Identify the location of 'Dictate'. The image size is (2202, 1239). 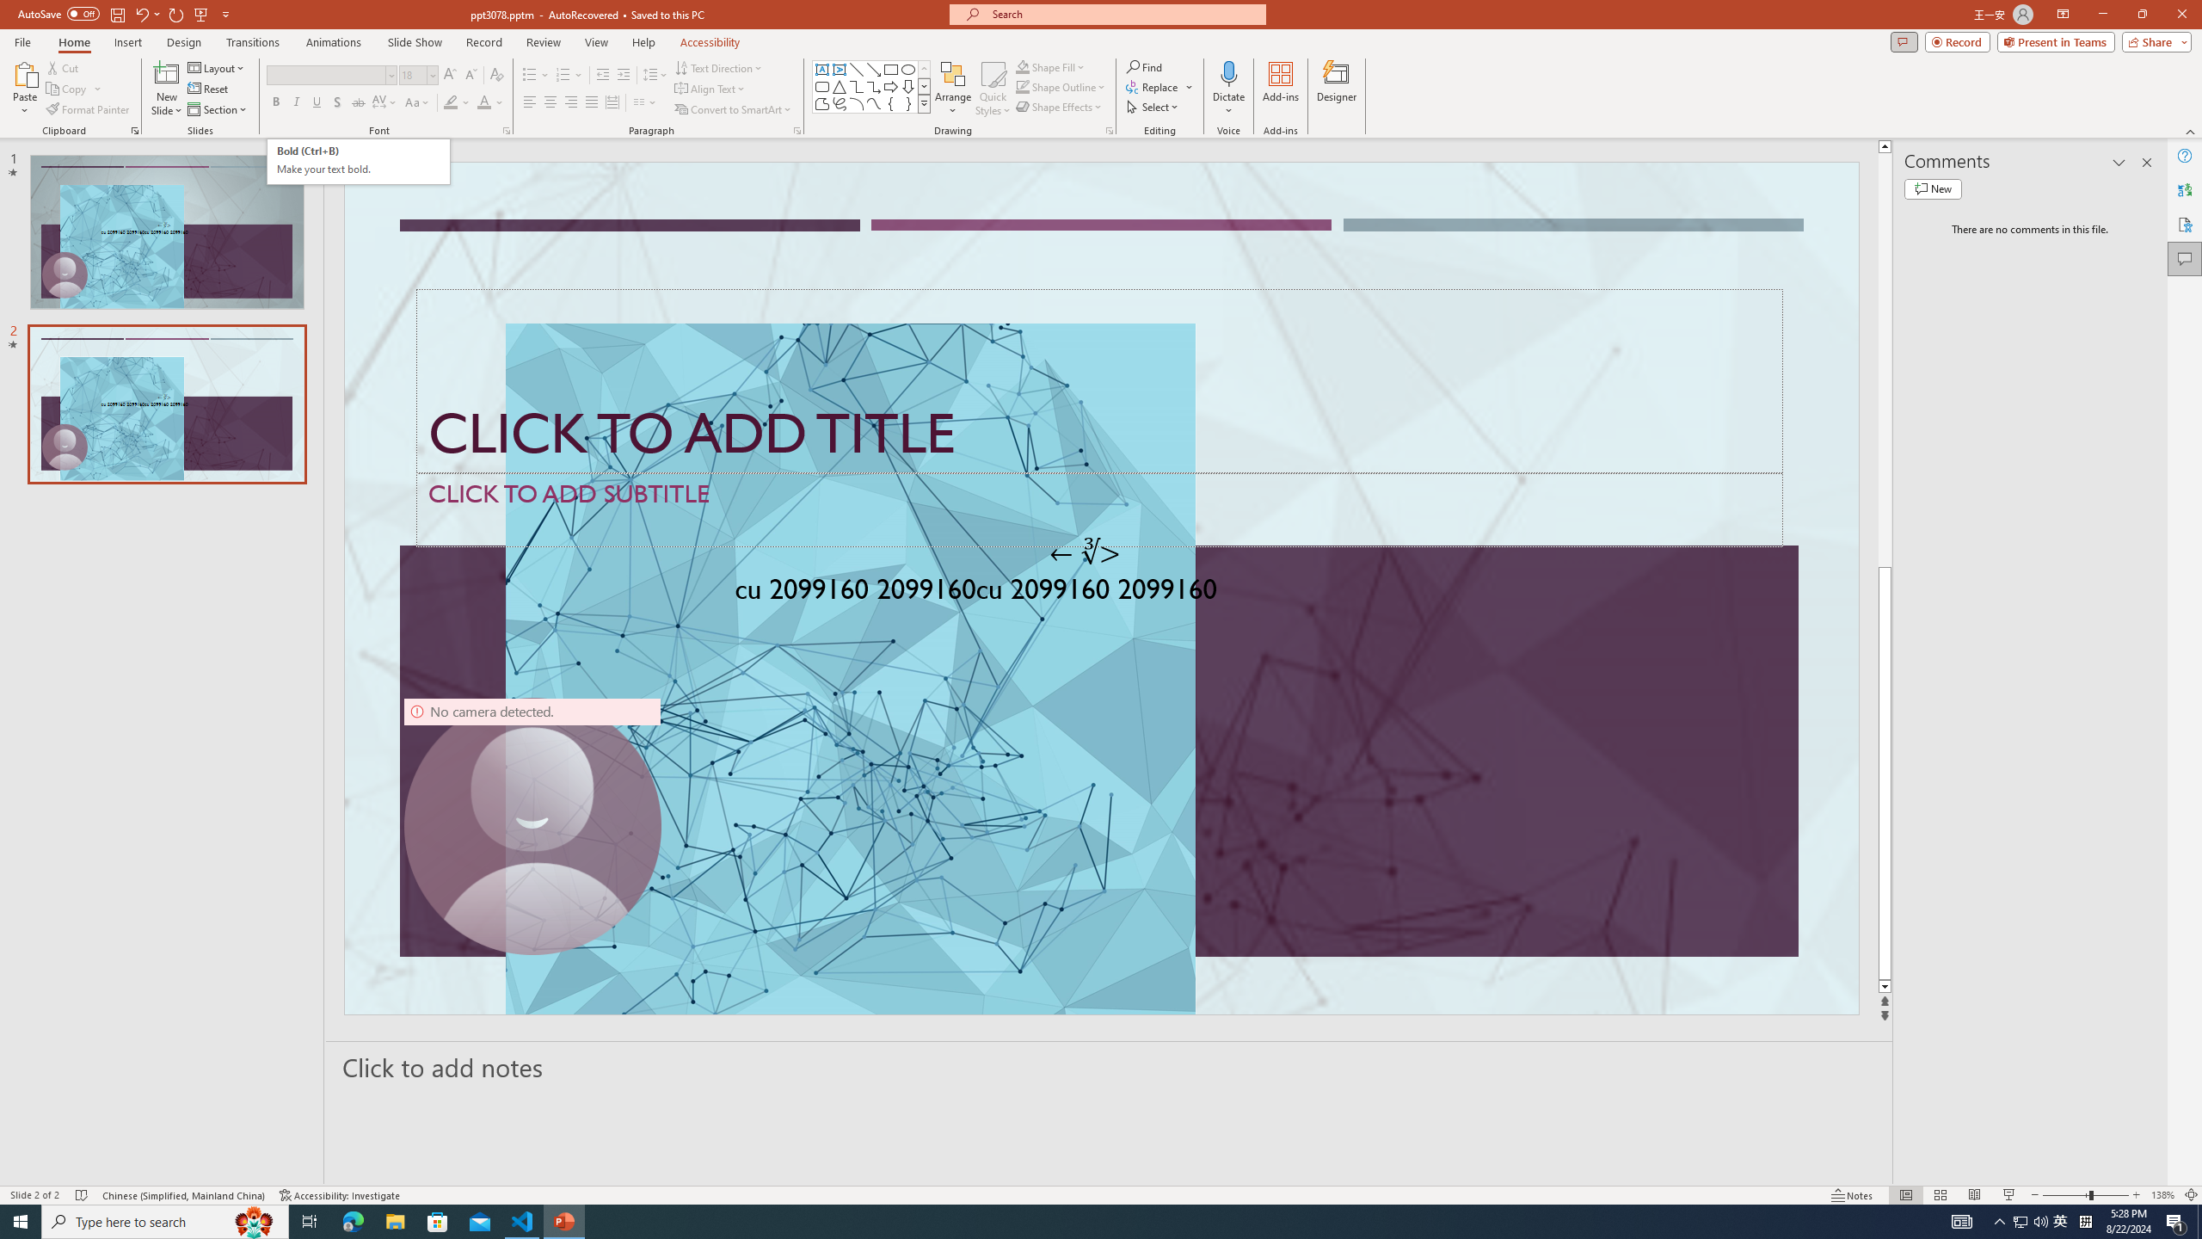
(1227, 72).